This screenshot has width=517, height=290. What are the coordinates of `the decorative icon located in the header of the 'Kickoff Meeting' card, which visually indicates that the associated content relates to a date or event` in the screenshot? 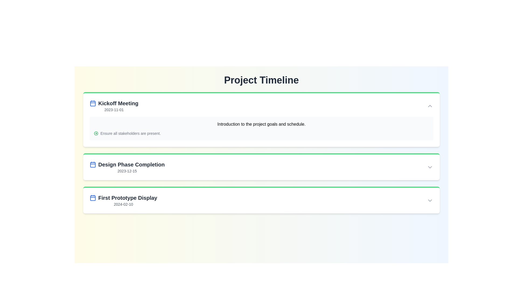 It's located at (93, 103).